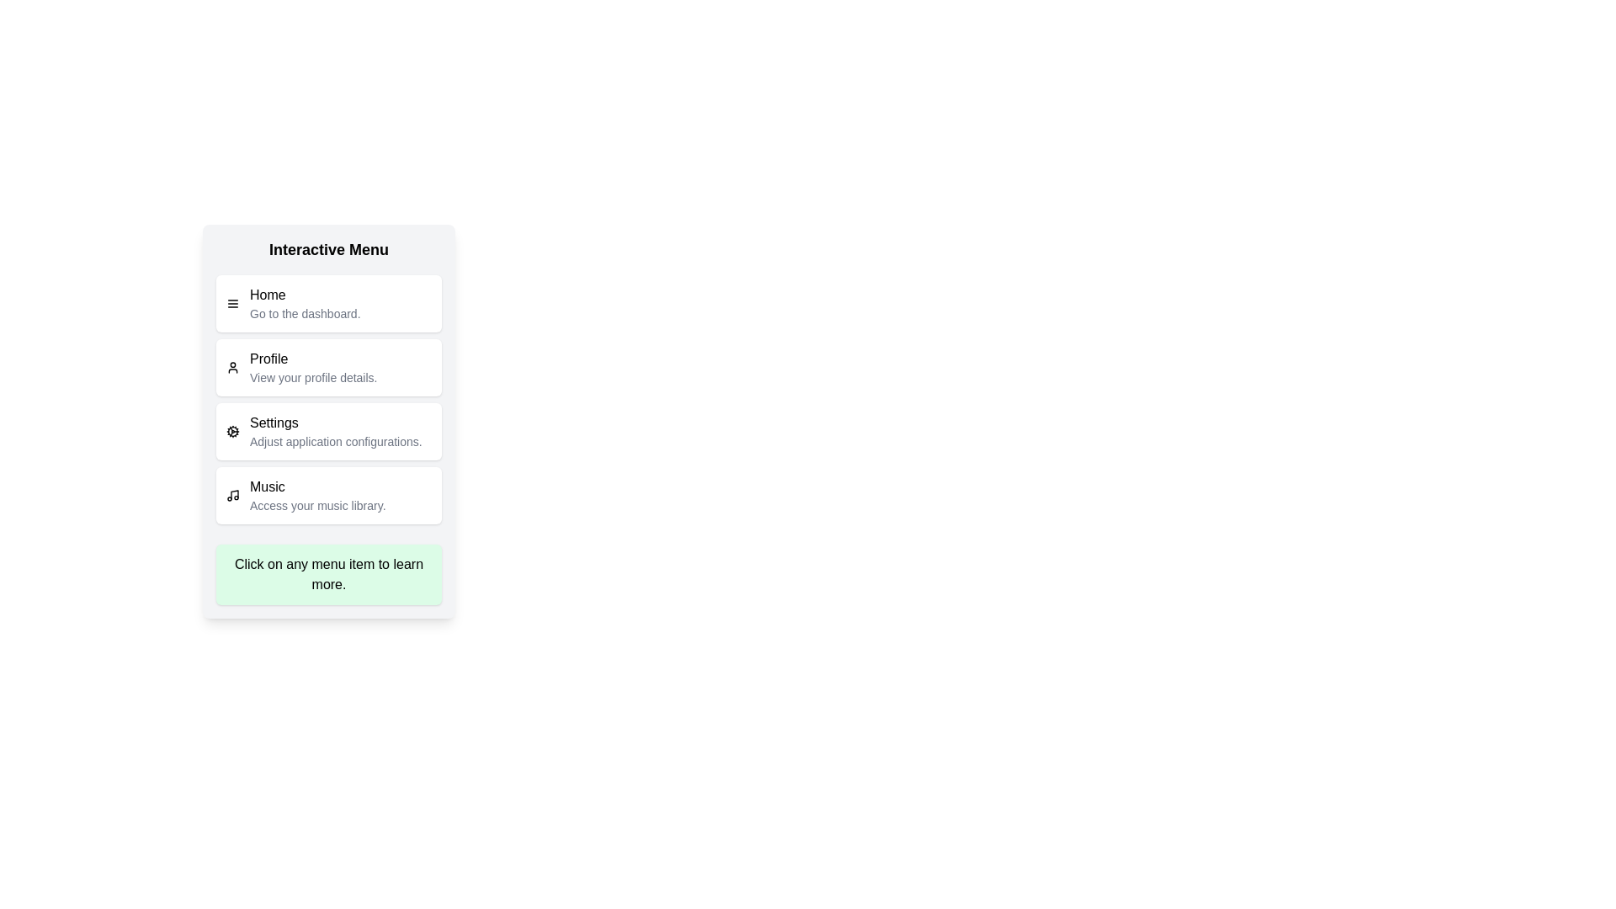 The image size is (1616, 909). What do you see at coordinates (328, 304) in the screenshot?
I see `the menu item labeled Home to view its description` at bounding box center [328, 304].